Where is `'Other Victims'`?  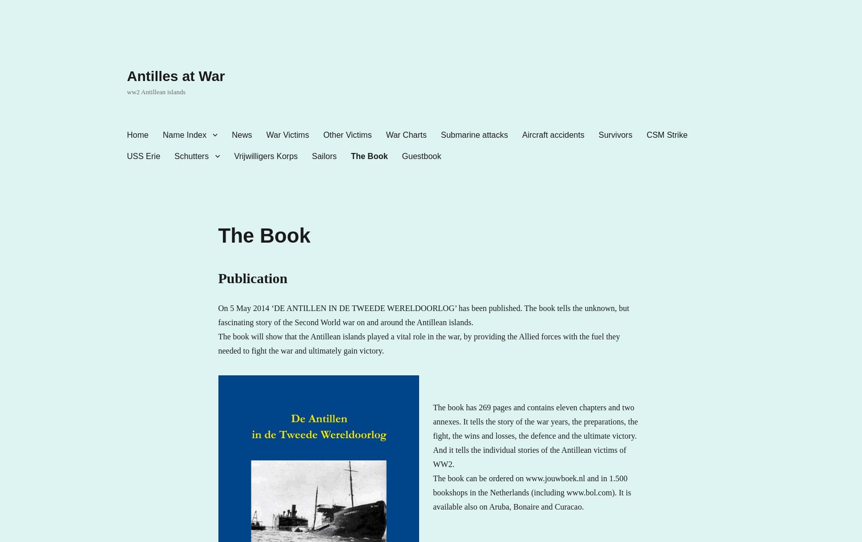 'Other Victims' is located at coordinates (346, 134).